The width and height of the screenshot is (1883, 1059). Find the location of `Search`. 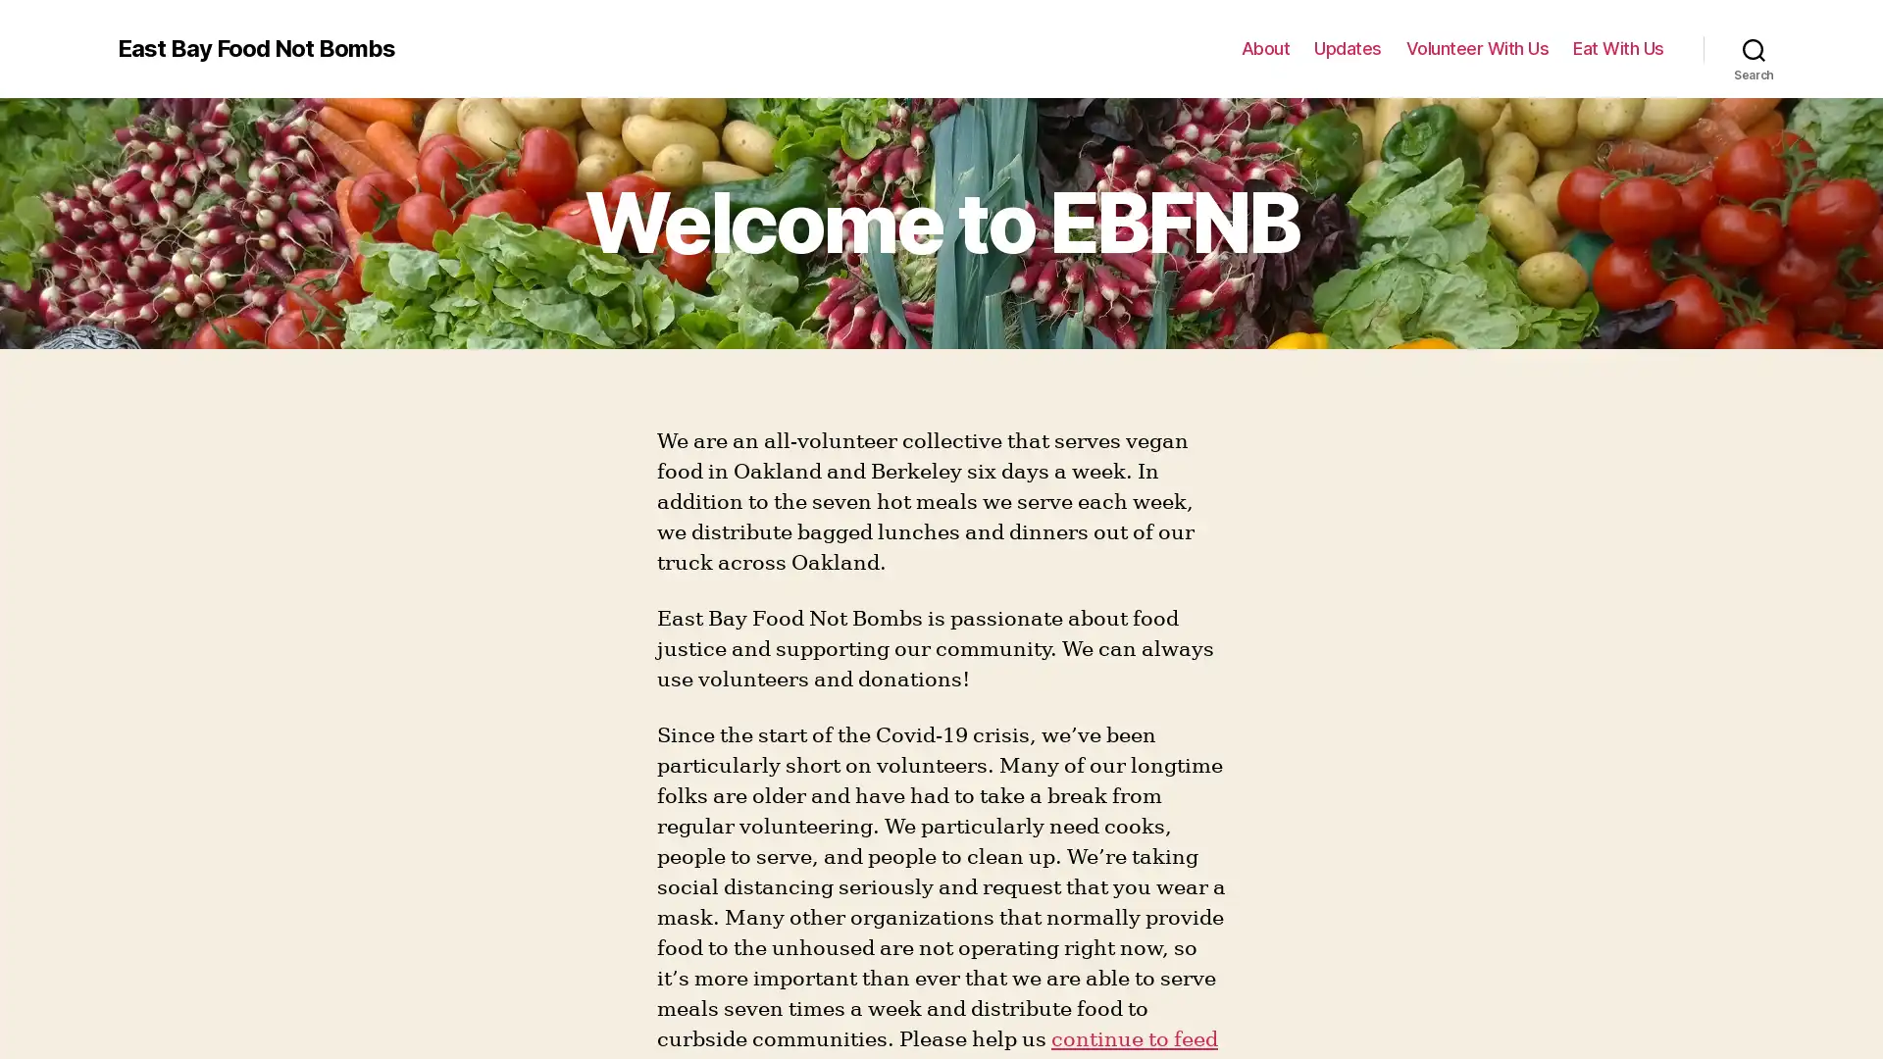

Search is located at coordinates (1754, 48).